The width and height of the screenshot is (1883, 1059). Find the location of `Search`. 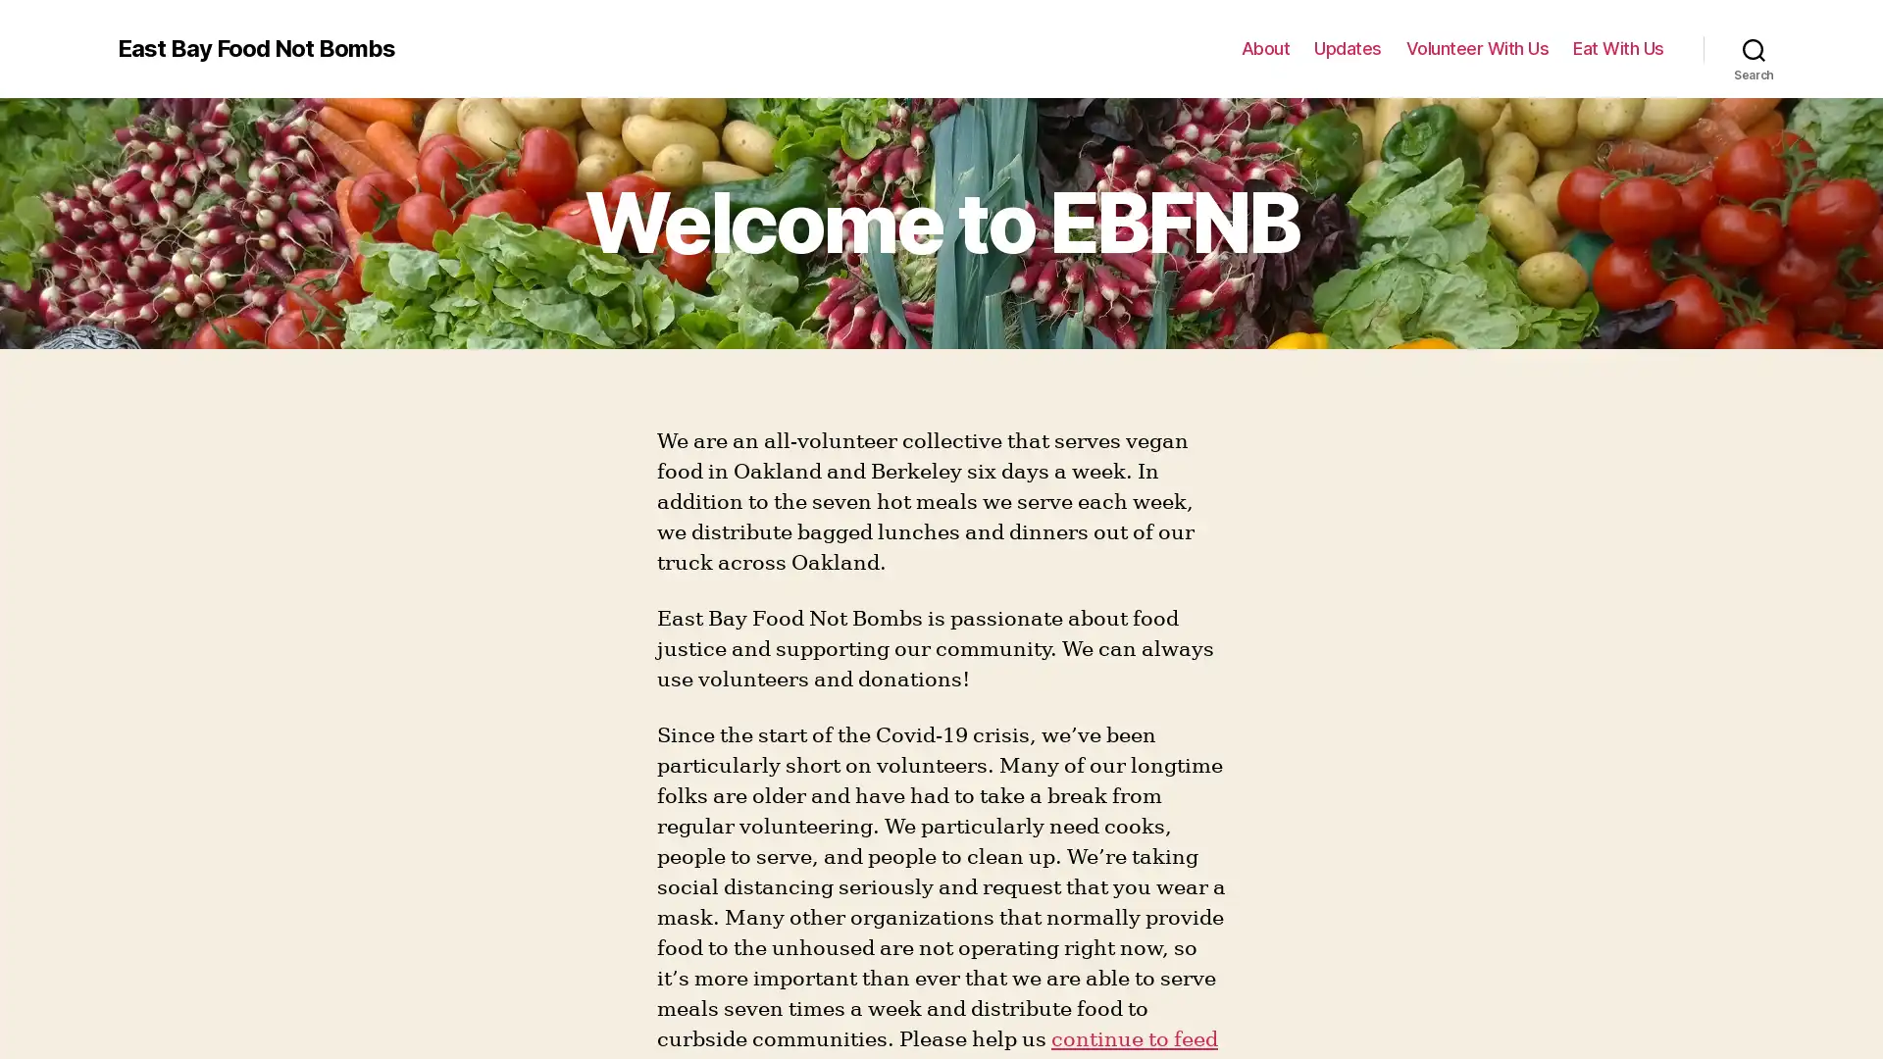

Search is located at coordinates (1754, 48).